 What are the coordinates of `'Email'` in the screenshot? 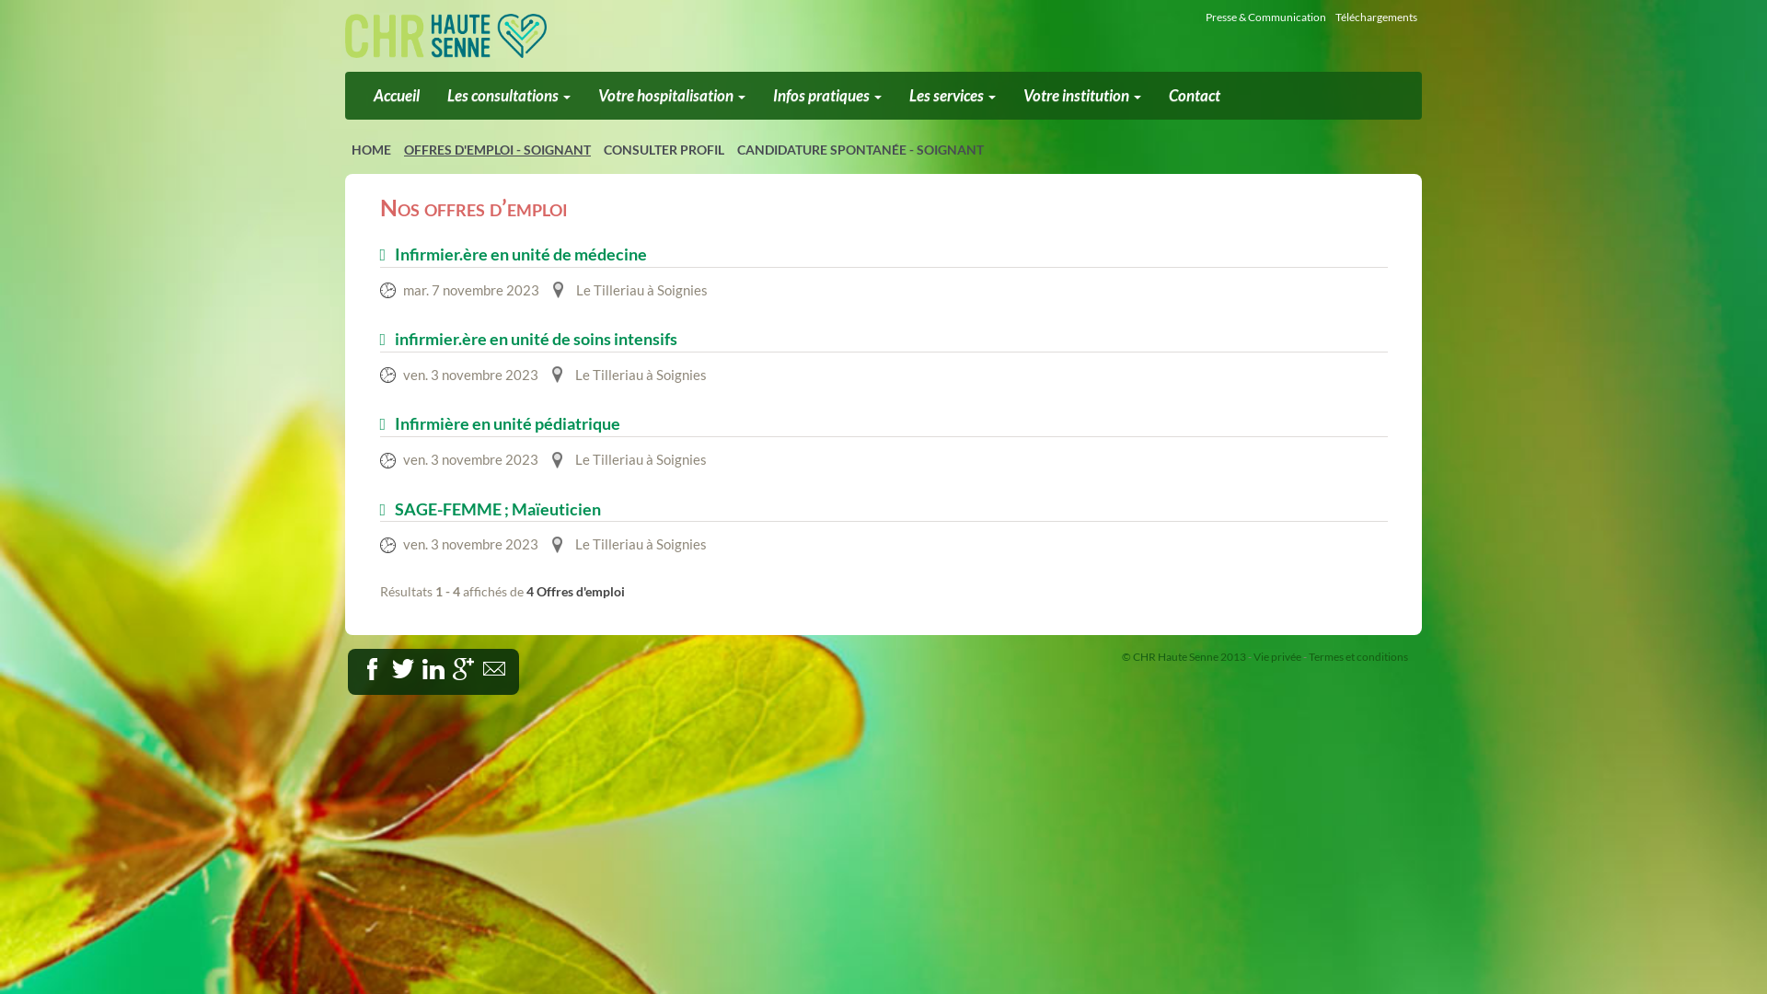 It's located at (504, 665).